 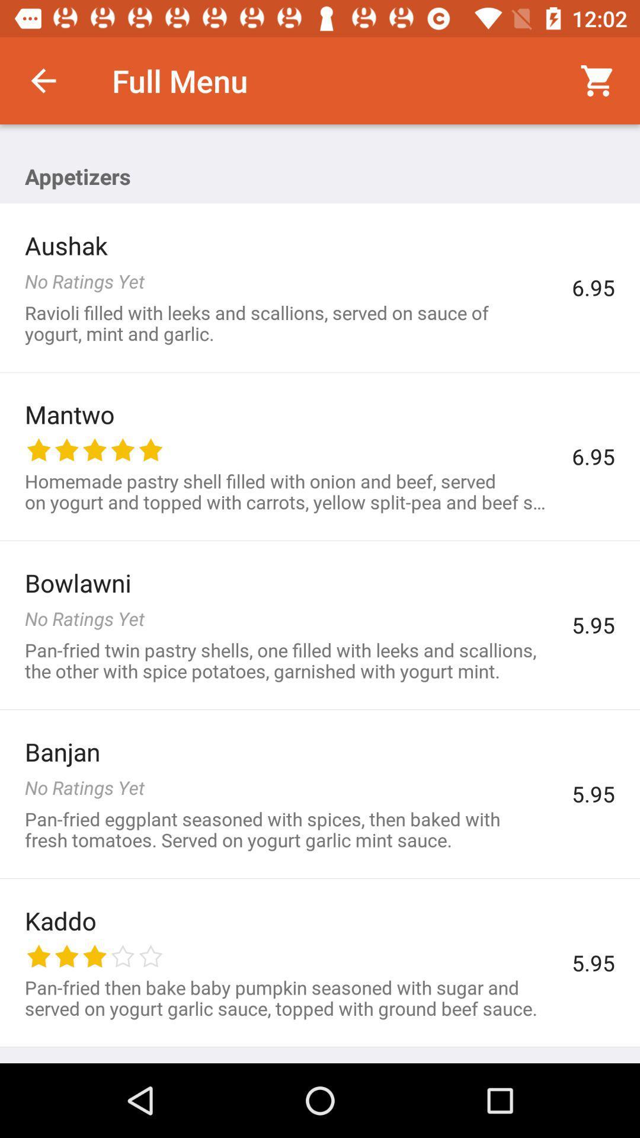 I want to click on icon next to full menu item, so click(x=43, y=80).